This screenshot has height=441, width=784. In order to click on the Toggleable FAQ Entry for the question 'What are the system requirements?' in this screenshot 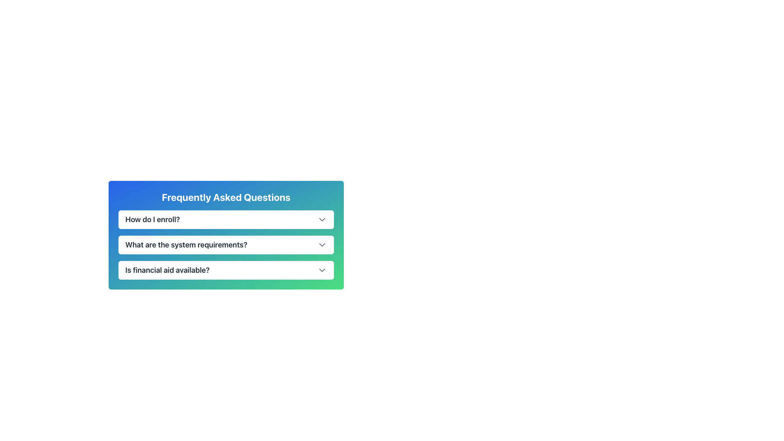, I will do `click(226, 245)`.